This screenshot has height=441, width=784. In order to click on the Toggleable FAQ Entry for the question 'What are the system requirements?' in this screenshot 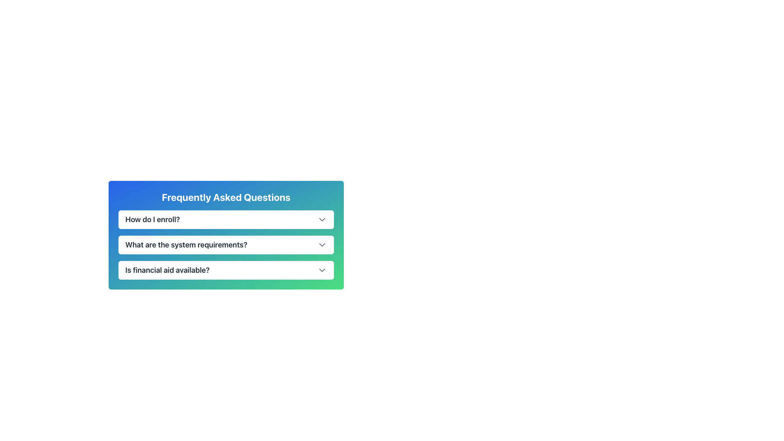, I will do `click(226, 245)`.